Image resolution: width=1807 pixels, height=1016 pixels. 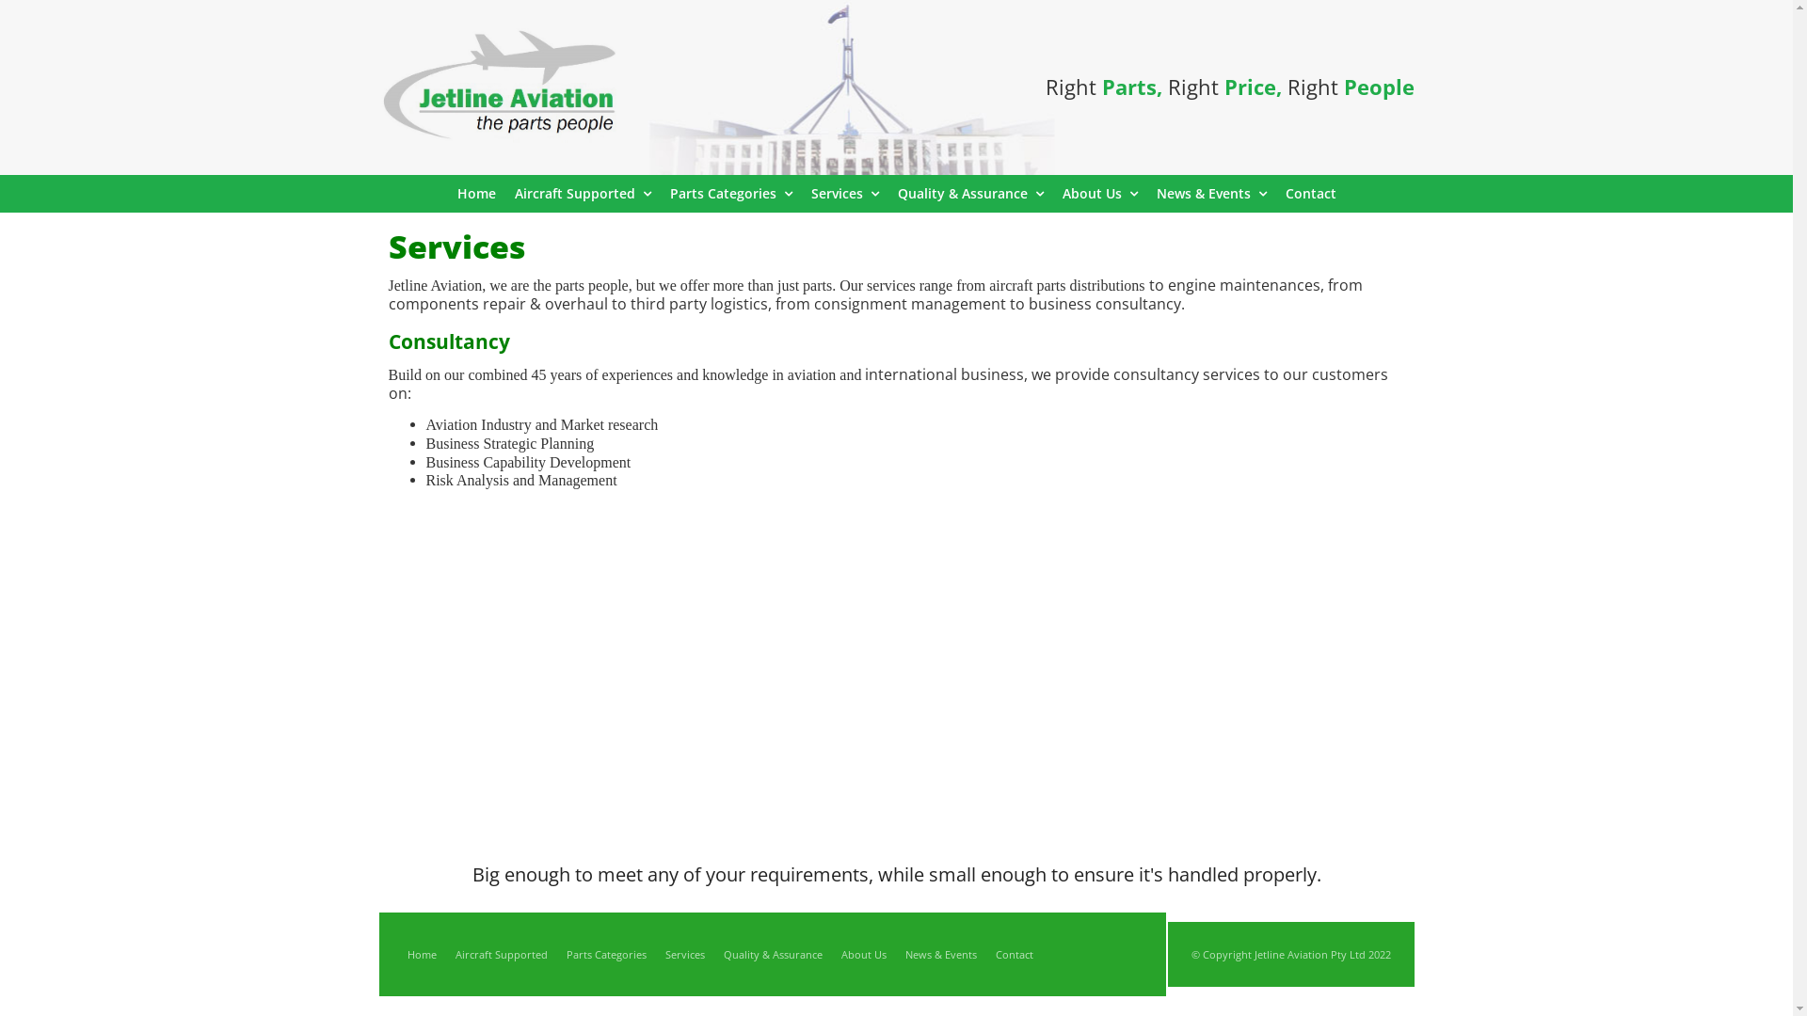 I want to click on 'Contact', so click(x=1309, y=193).